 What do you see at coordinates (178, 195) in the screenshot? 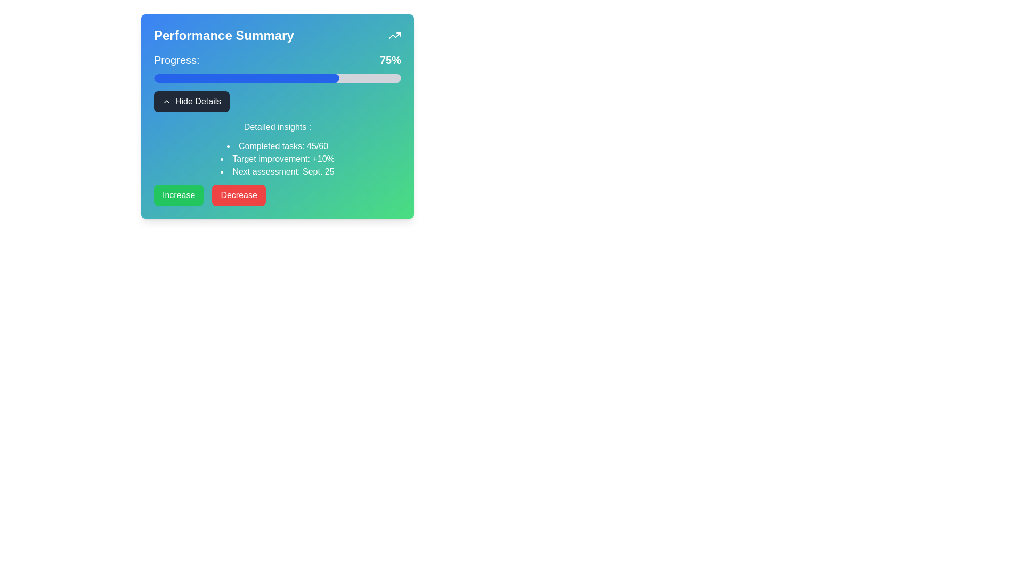
I see `the 'Increase' button located on the left of the 'Decrease' button in a horizontal group near the bottom of a card-like UI component to observe hover effects` at bounding box center [178, 195].